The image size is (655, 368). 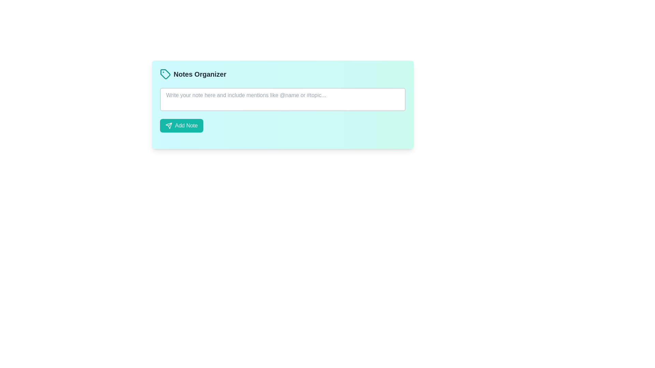 What do you see at coordinates (169, 126) in the screenshot?
I see `the paper plane icon located at the top-left corner of the 'Add Note' button, which is filled with green color and adjacent to the 'Add Note' text label` at bounding box center [169, 126].